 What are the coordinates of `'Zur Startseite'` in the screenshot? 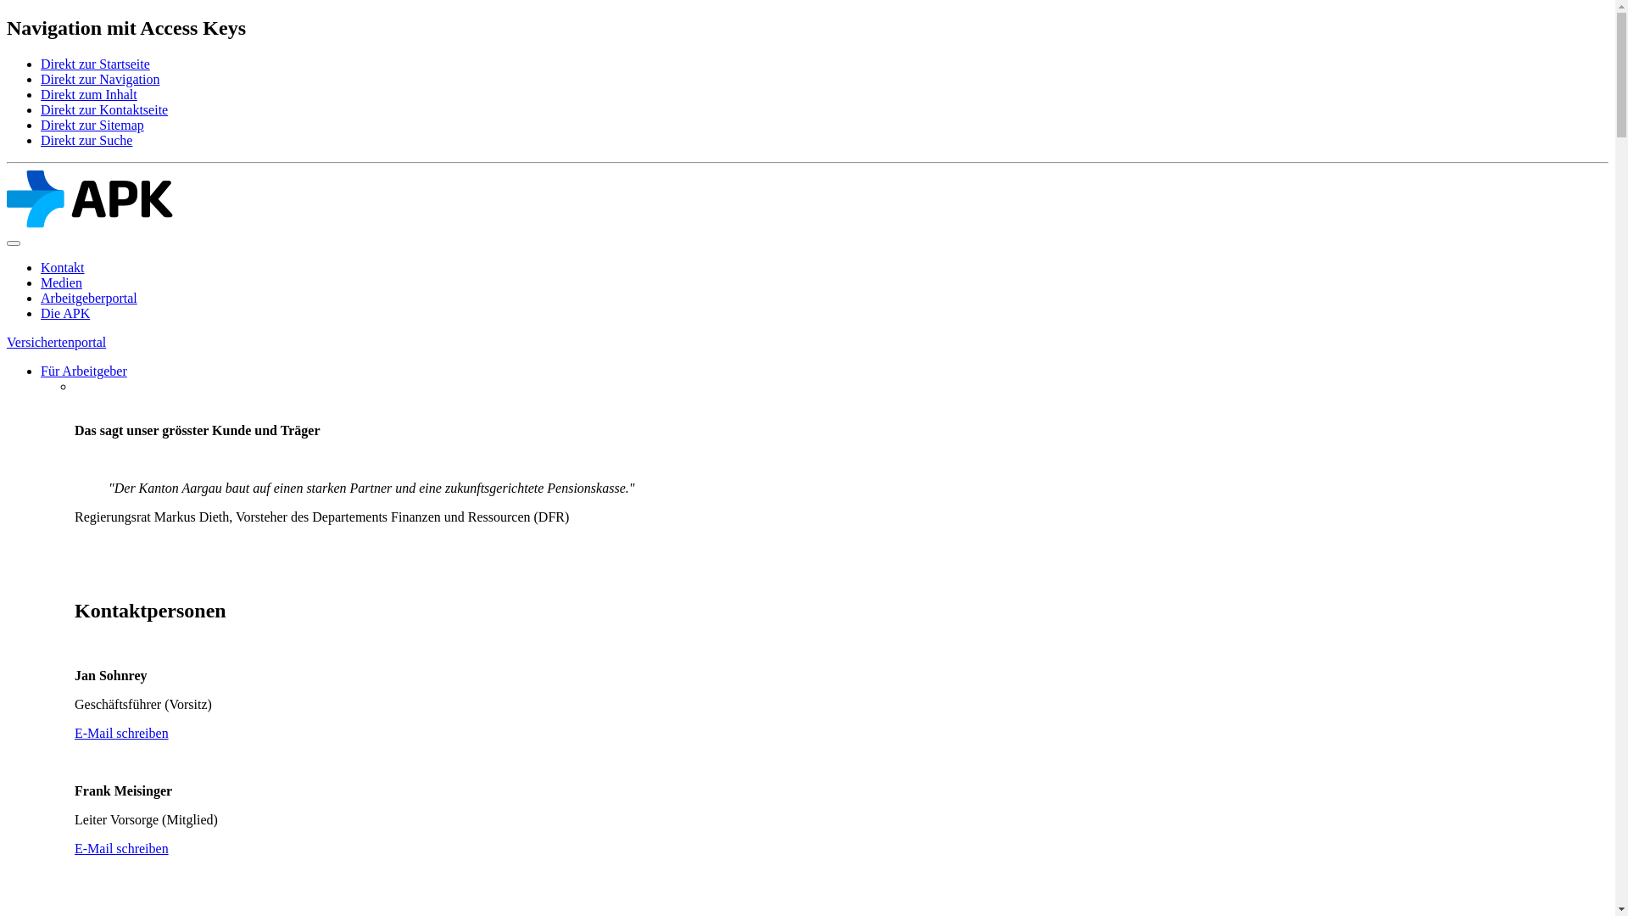 It's located at (88, 222).